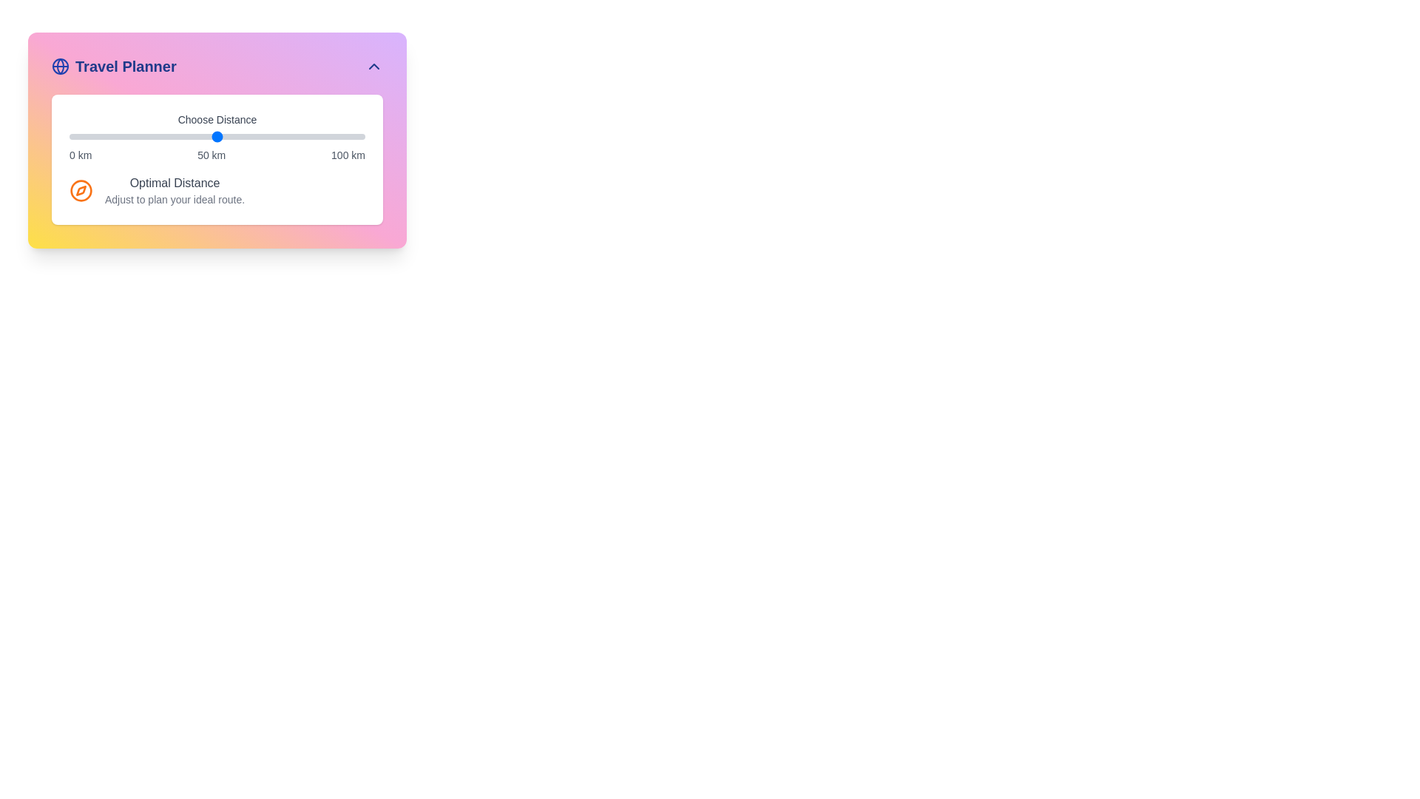  Describe the element at coordinates (71, 137) in the screenshot. I see `the distance slider` at that location.